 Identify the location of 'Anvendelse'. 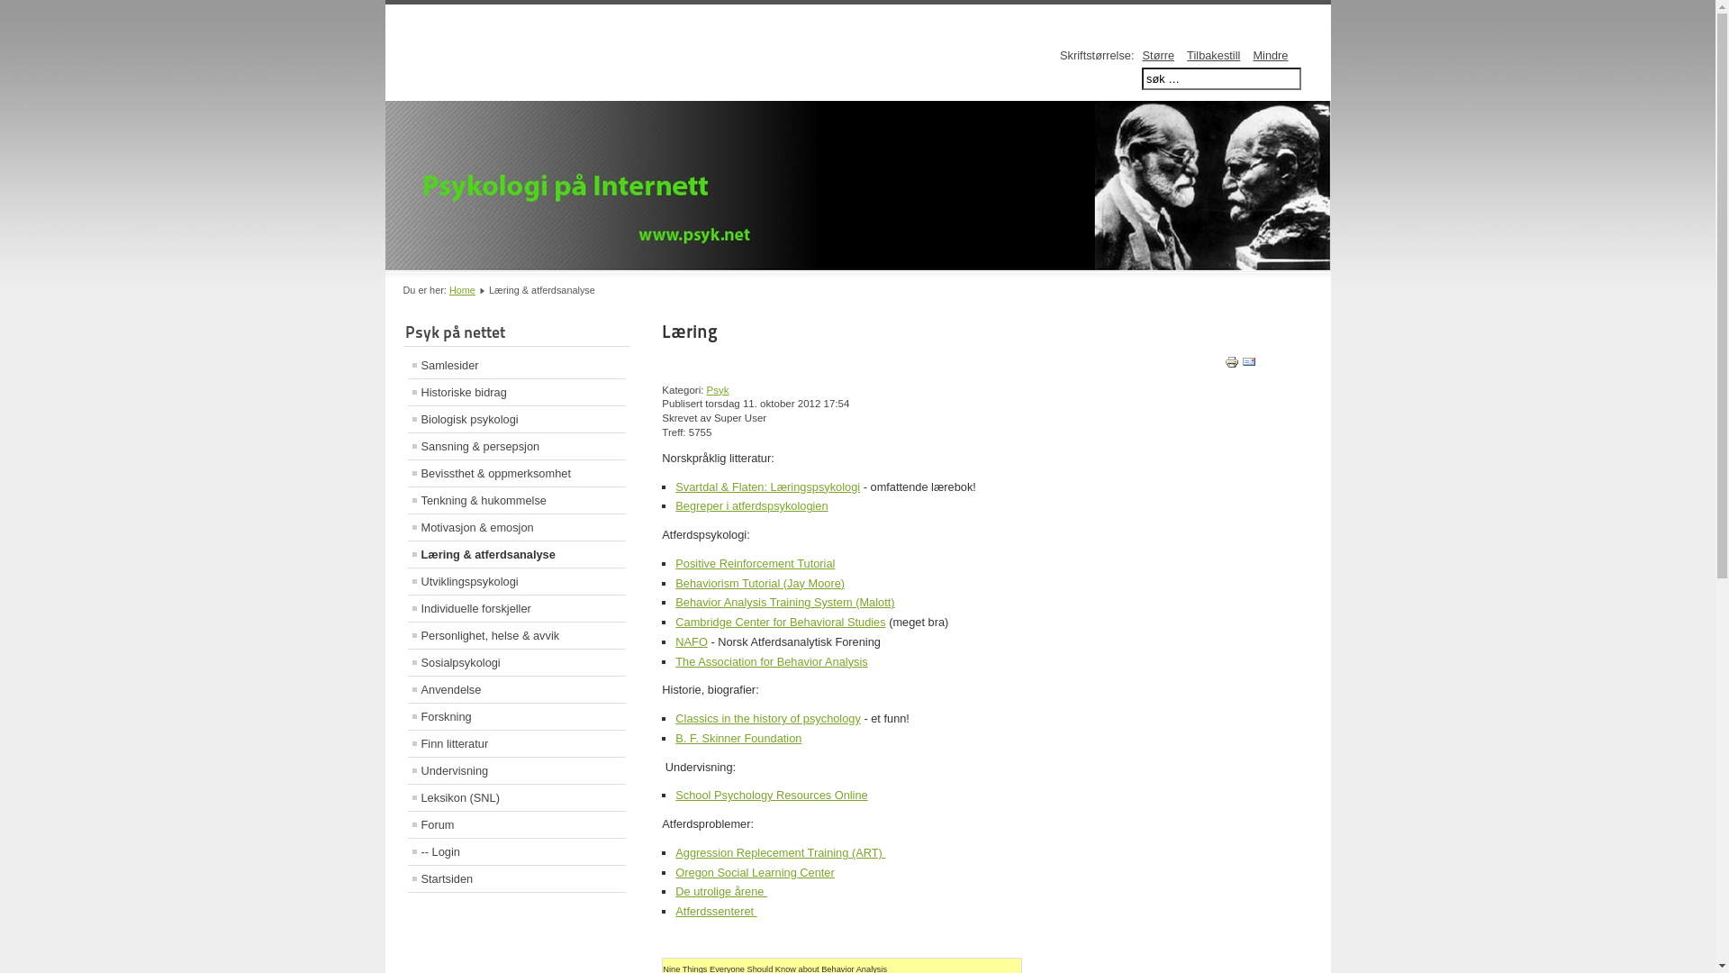
(515, 689).